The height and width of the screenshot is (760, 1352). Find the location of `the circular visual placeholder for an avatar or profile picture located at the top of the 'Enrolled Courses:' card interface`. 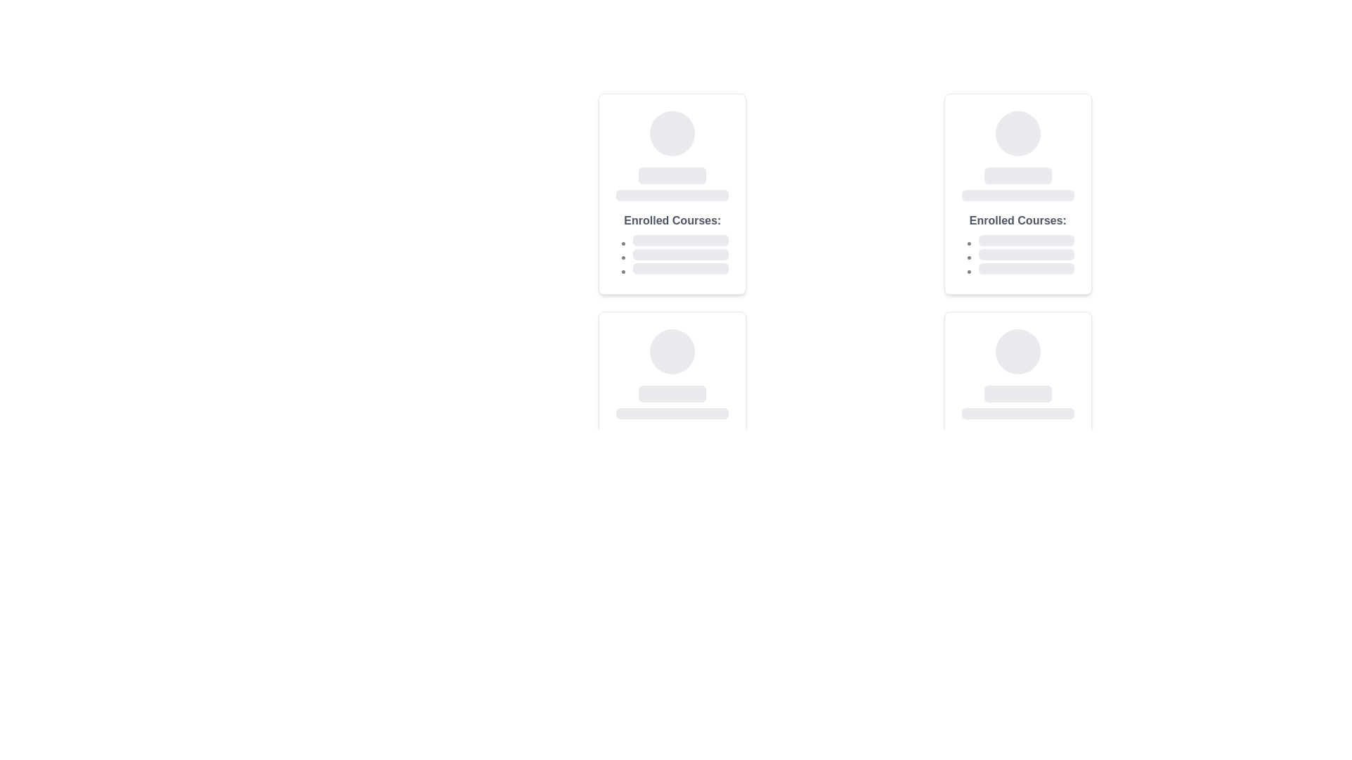

the circular visual placeholder for an avatar or profile picture located at the top of the 'Enrolled Courses:' card interface is located at coordinates (1018, 133).